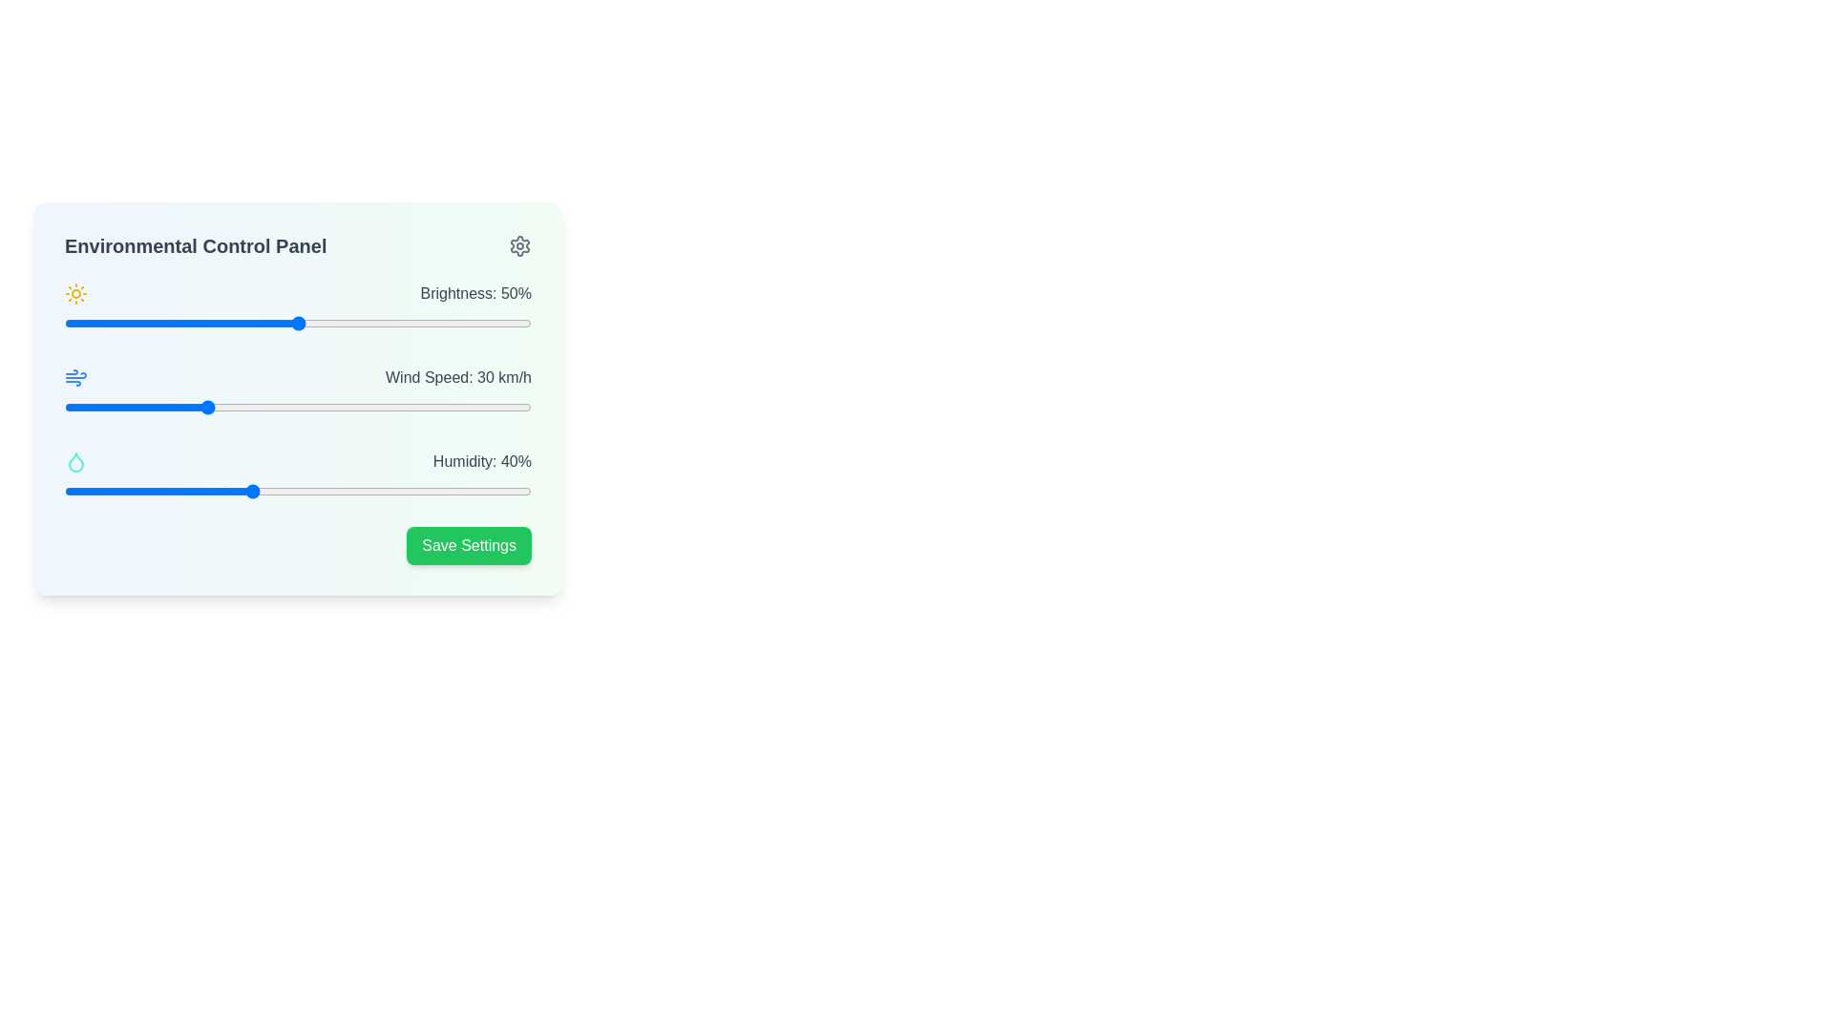 This screenshot has height=1031, width=1833. What do you see at coordinates (490, 491) in the screenshot?
I see `humidity` at bounding box center [490, 491].